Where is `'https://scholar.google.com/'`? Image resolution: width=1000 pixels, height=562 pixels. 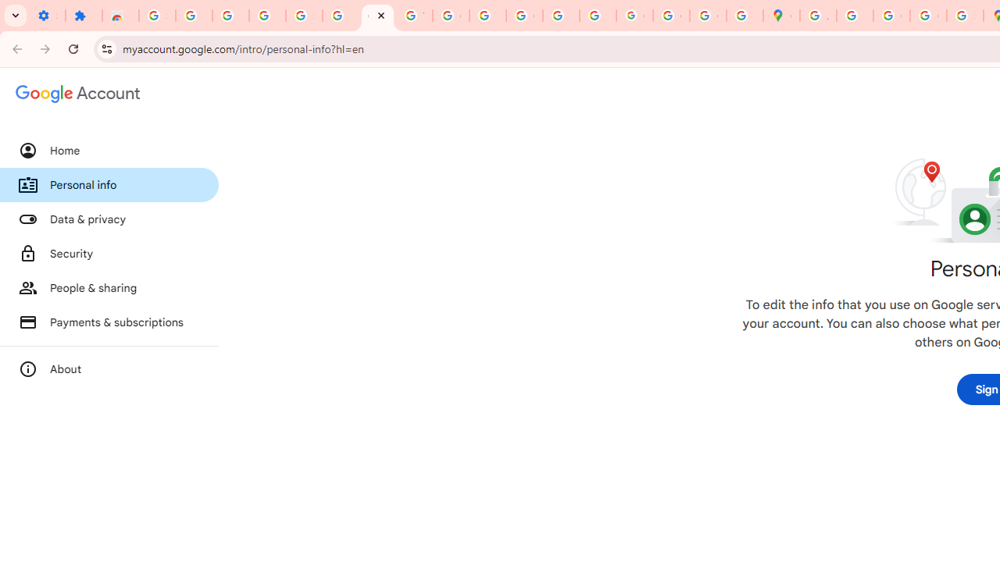 'https://scholar.google.com/' is located at coordinates (487, 16).